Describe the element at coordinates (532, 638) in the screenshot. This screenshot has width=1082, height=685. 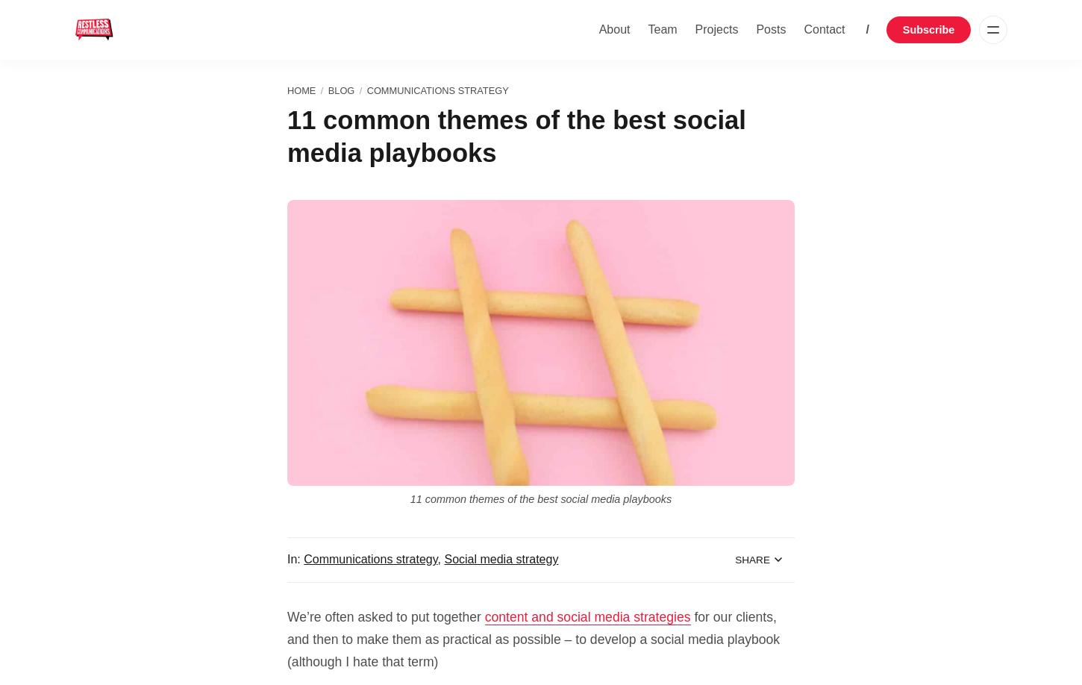
I see `'for our clients, and then to make them as practical as possible – to develop a social media playbook (although I hate that term)'` at that location.